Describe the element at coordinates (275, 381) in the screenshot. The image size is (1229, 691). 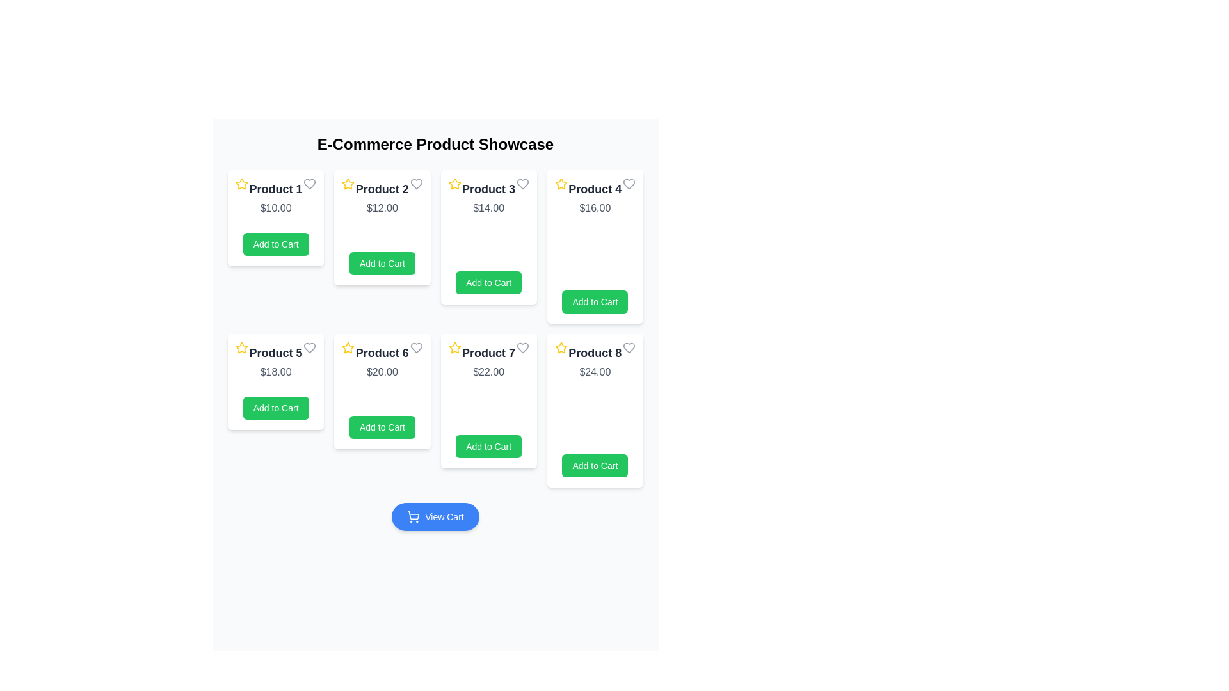
I see `the 'Add to Cart' button on the product card located in the second row and first column of the grid layout` at that location.